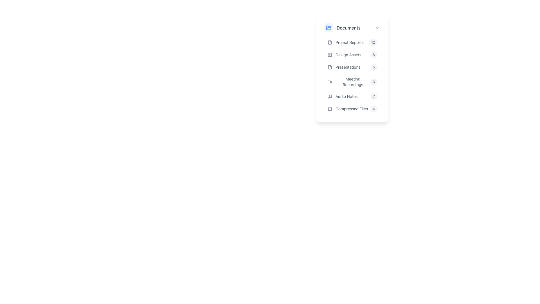 The width and height of the screenshot is (540, 304). I want to click on the list item representing the category 'Audio Notes' in the sidebar menu titled 'Documents', so click(352, 96).